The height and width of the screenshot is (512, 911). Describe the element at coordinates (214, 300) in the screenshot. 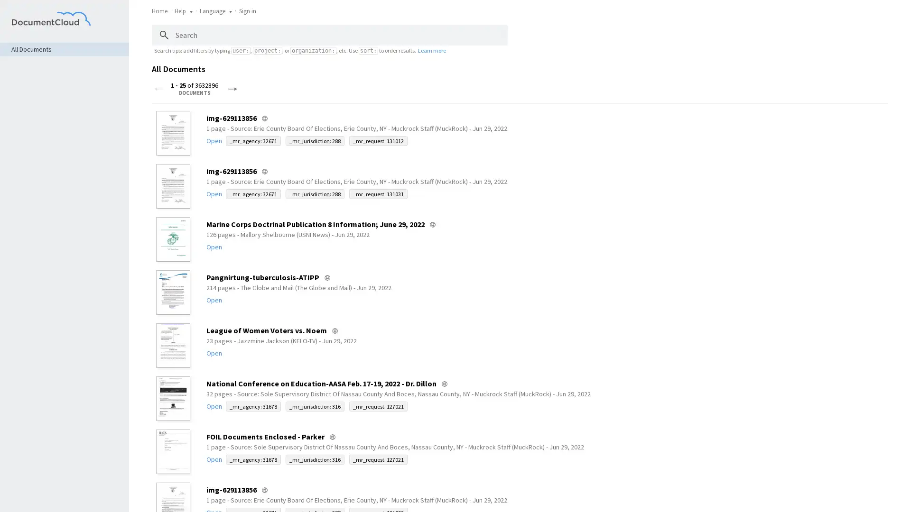

I see `Open` at that location.